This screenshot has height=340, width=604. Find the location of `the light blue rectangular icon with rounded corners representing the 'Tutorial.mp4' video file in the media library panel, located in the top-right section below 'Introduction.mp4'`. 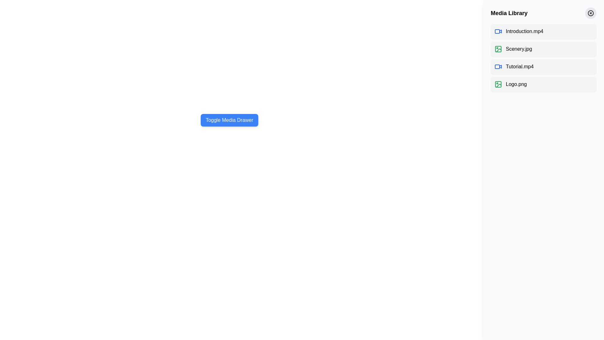

the light blue rectangular icon with rounded corners representing the 'Tutorial.mp4' video file in the media library panel, located in the top-right section below 'Introduction.mp4' is located at coordinates (497, 67).